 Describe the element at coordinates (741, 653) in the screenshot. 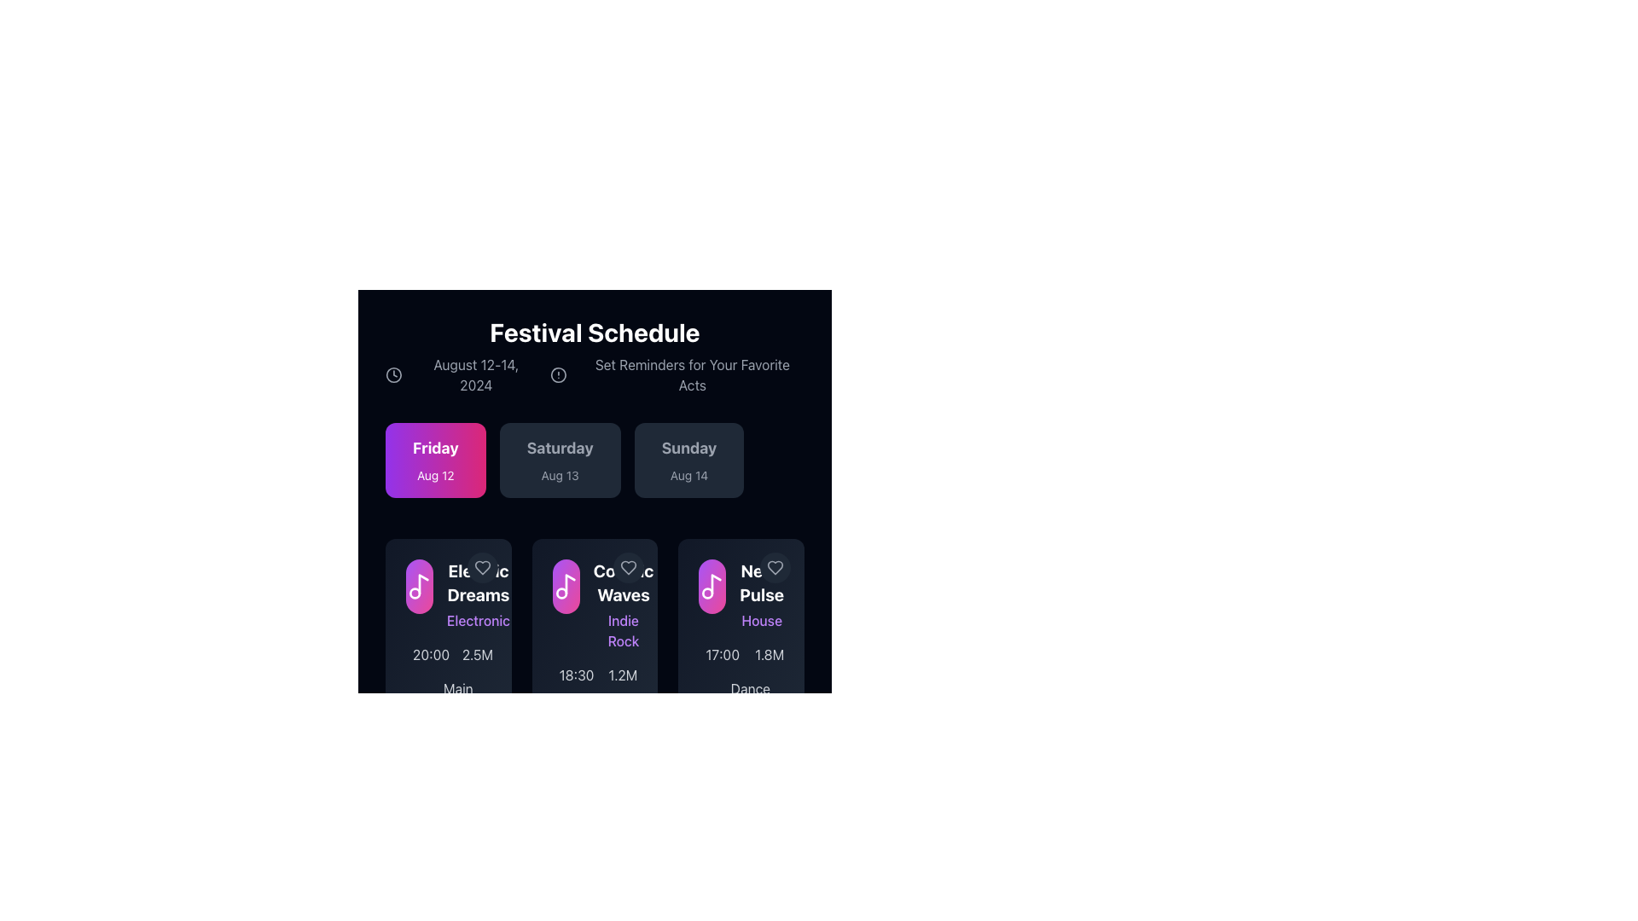

I see `informational label displaying the time '17:00' and the number '1.8M', which is located under the 'Neon Pulse House' description and above the 'Dance Arena' text` at that location.